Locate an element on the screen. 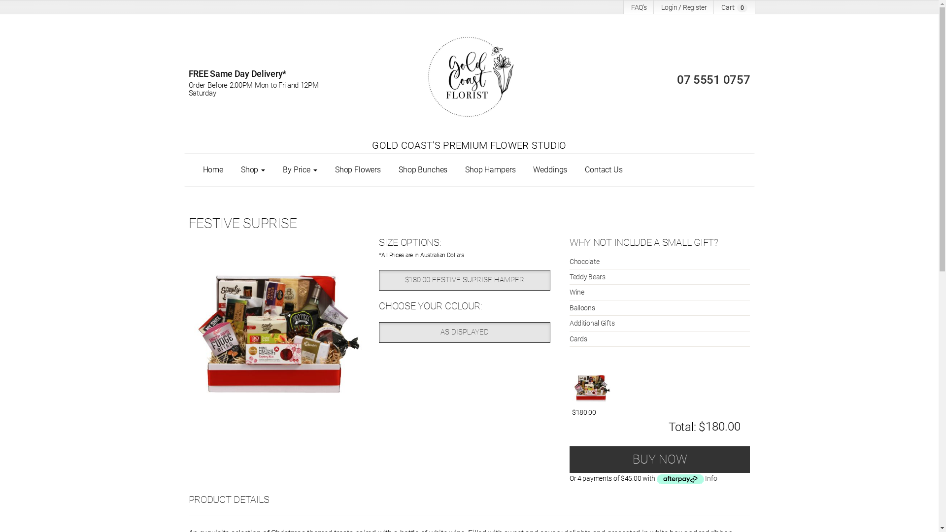  '07 5551 0757' is located at coordinates (713, 79).